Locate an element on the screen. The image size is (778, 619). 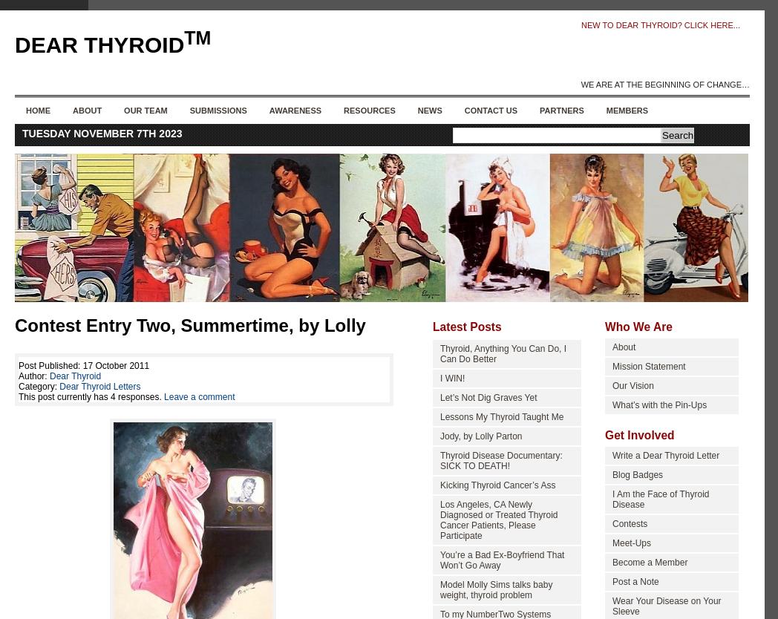
'New to Dear Thyroid? Click here...' is located at coordinates (659, 25).